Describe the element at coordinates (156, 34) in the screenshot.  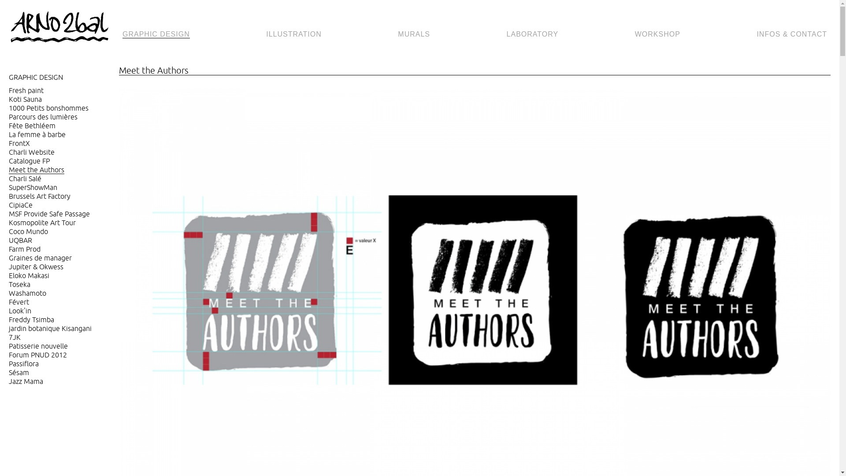
I see `'GRAPHIC DESIGN'` at that location.